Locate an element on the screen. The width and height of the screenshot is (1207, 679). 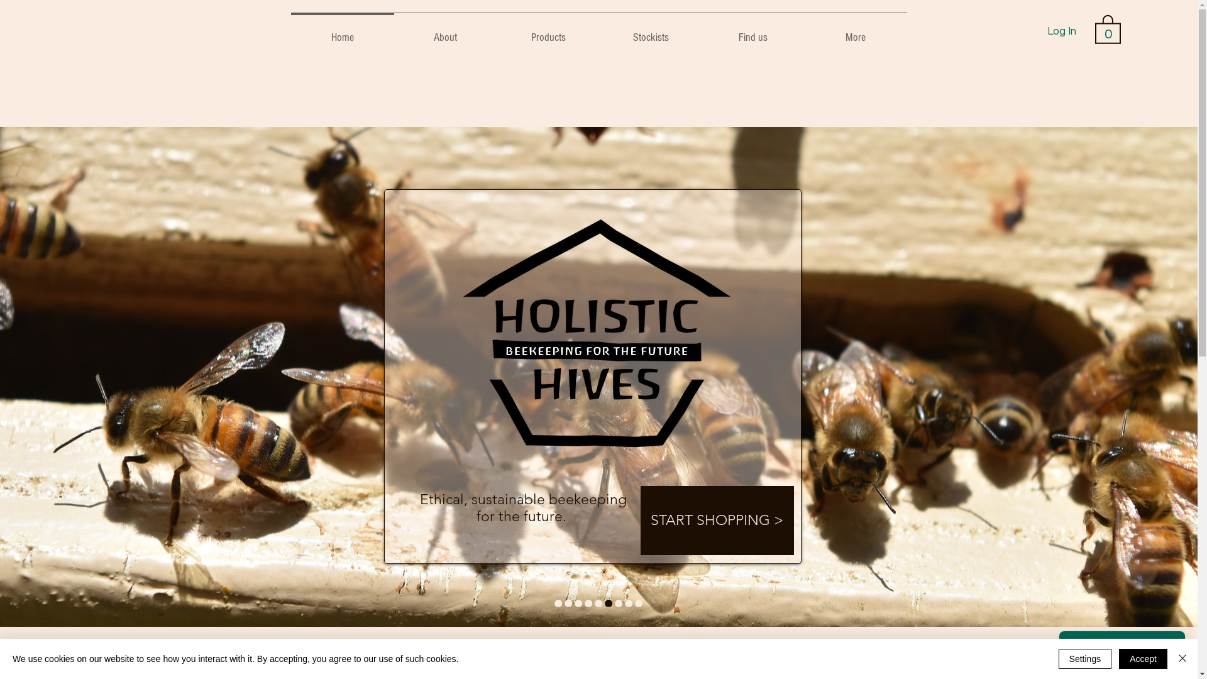
'About' is located at coordinates (392, 31).